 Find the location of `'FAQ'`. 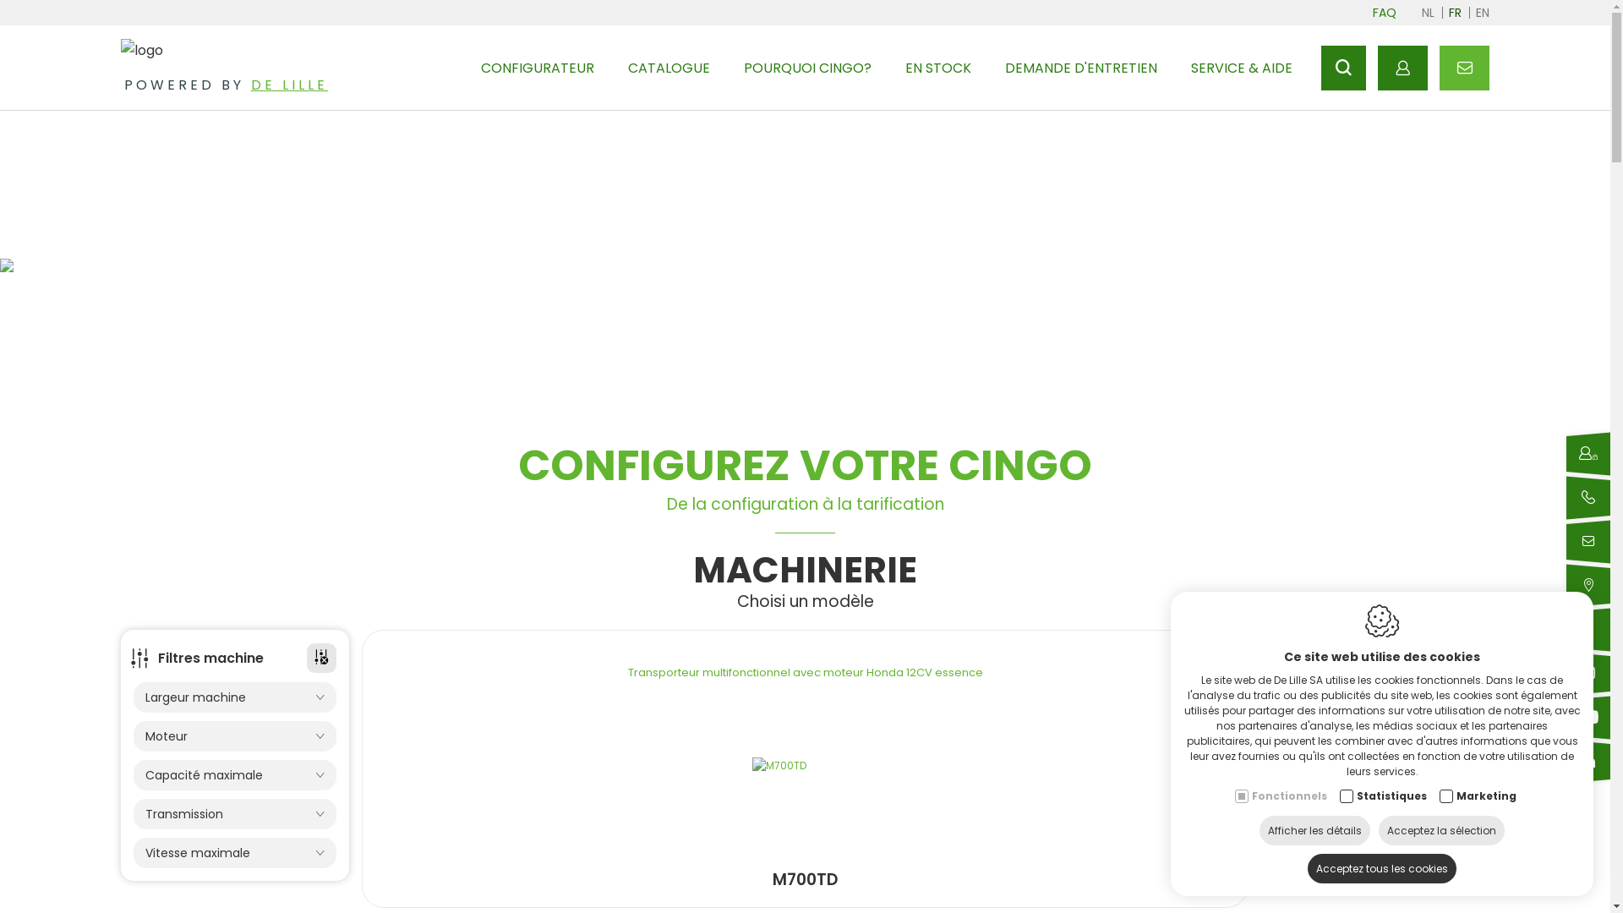

'FAQ' is located at coordinates (1368, 13).